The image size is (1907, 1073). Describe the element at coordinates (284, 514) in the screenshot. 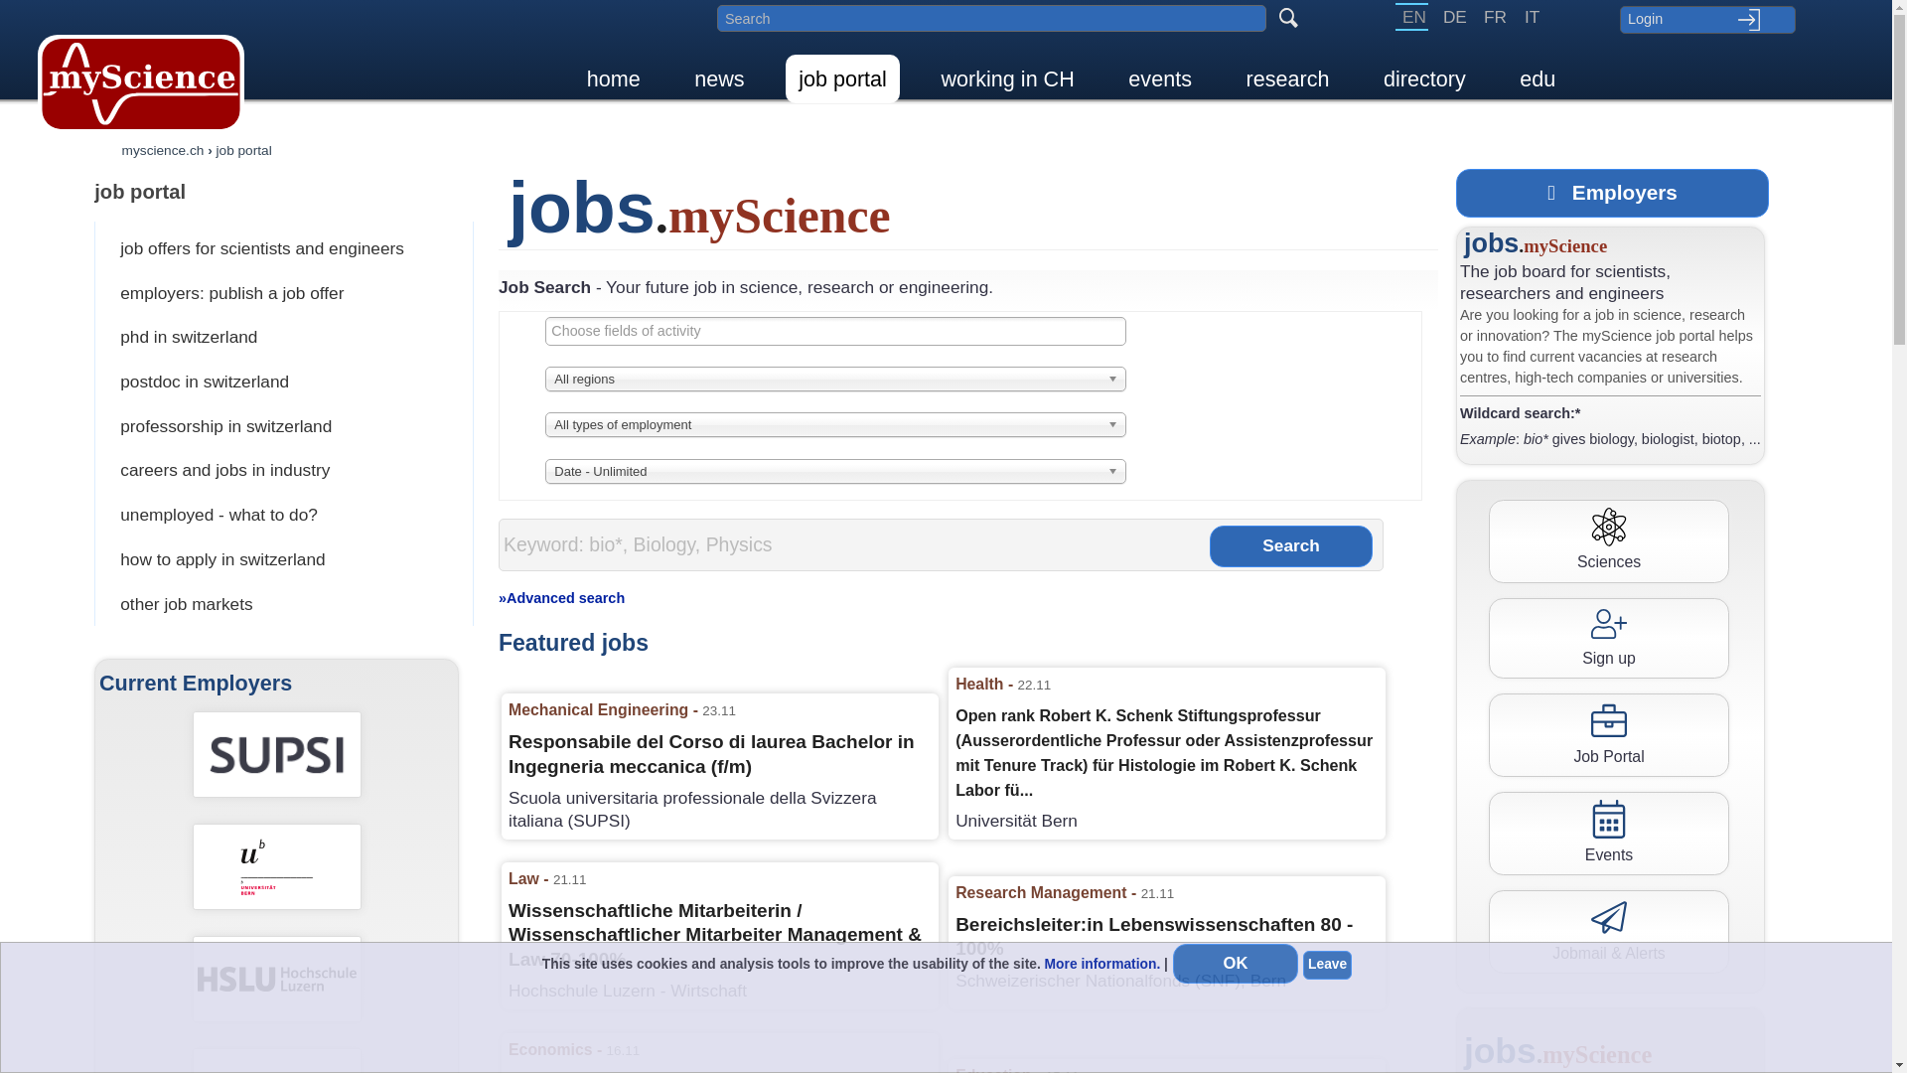

I see `'unemployed - what to do?'` at that location.